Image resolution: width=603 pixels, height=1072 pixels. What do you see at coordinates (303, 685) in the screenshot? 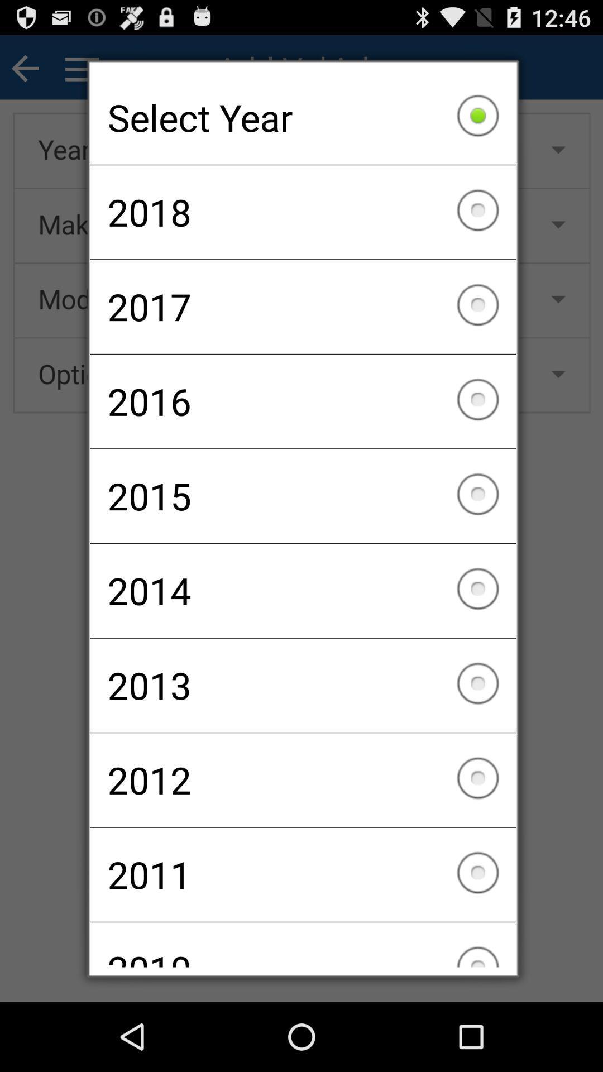
I see `the 2013 checkbox` at bounding box center [303, 685].